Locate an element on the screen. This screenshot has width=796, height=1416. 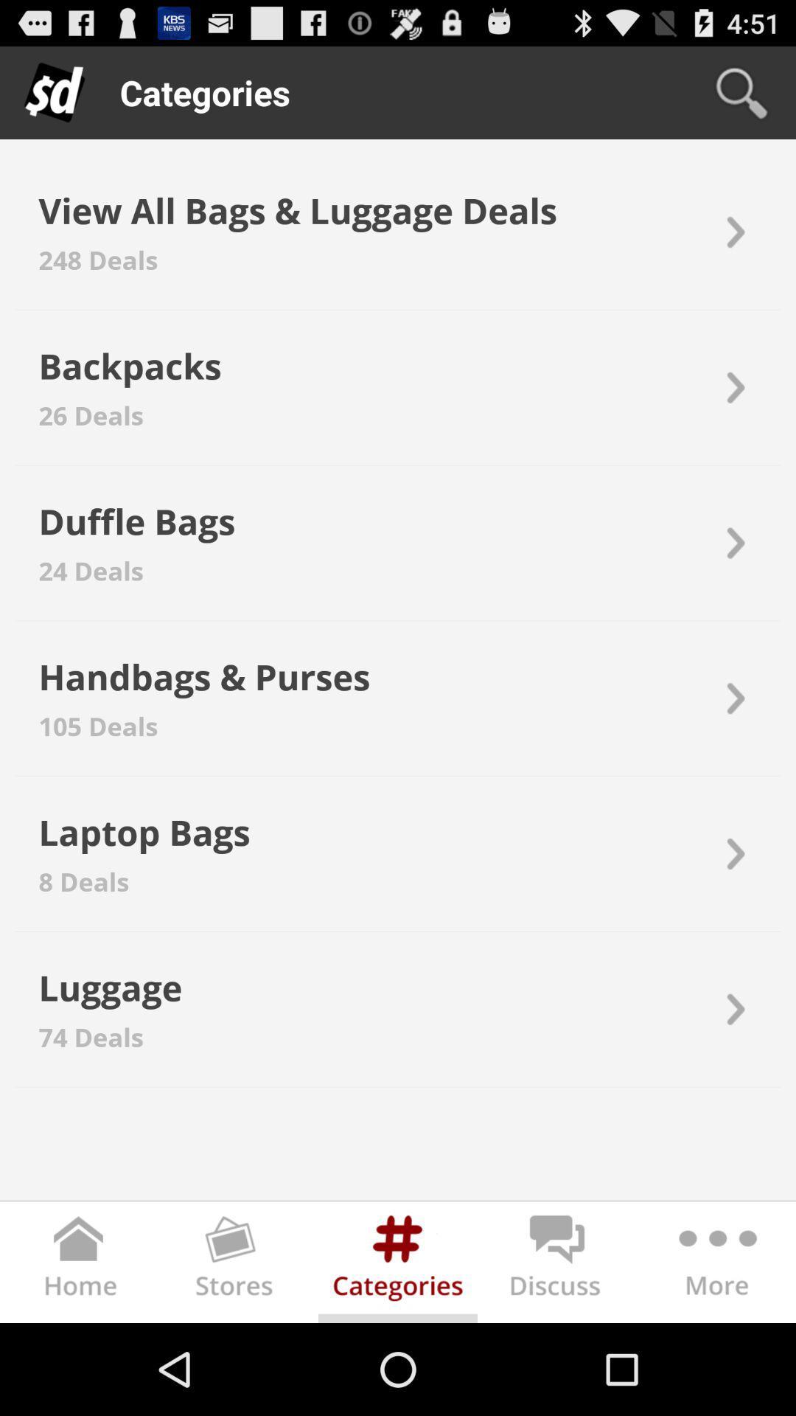
the more icon is located at coordinates (715, 1354).